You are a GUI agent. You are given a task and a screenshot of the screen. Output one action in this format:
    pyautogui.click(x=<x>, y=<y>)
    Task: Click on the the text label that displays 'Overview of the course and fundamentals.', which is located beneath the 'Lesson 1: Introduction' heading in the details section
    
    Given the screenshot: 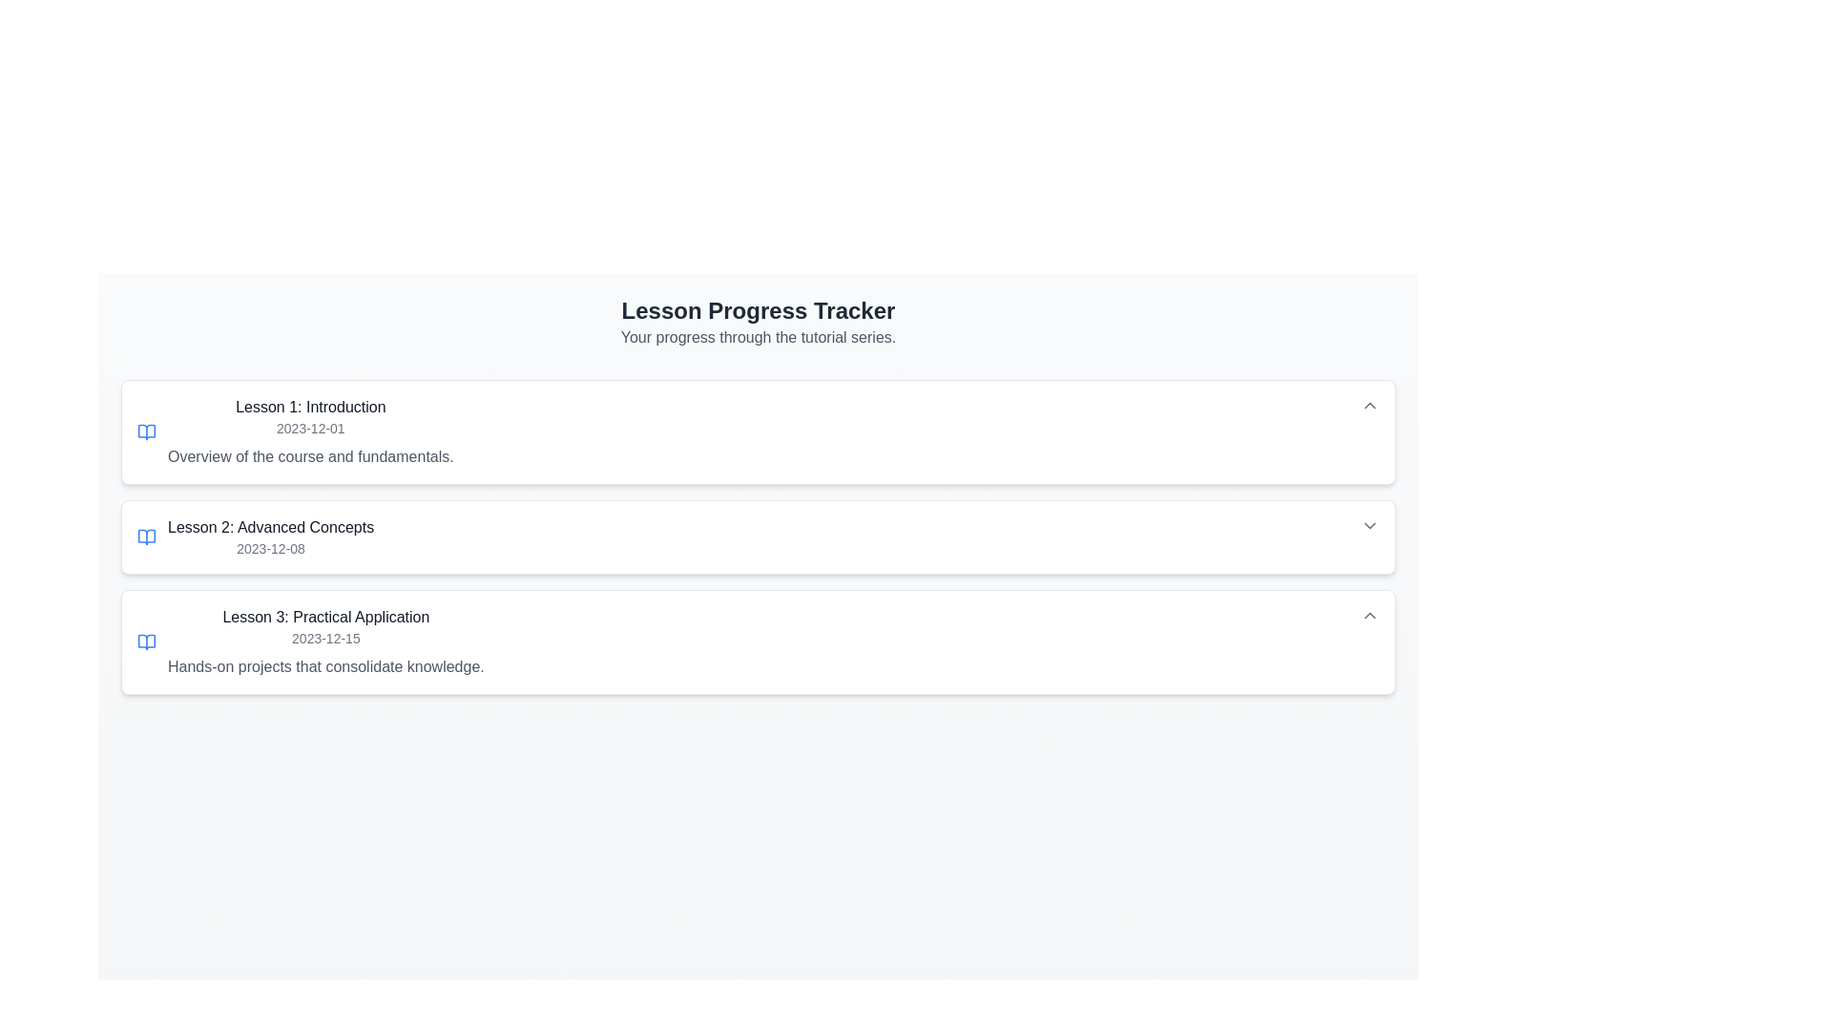 What is the action you would take?
    pyautogui.click(x=310, y=456)
    